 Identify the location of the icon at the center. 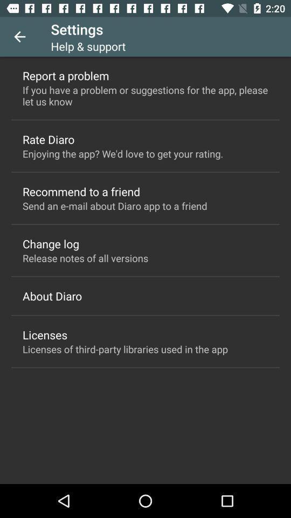
(114, 205).